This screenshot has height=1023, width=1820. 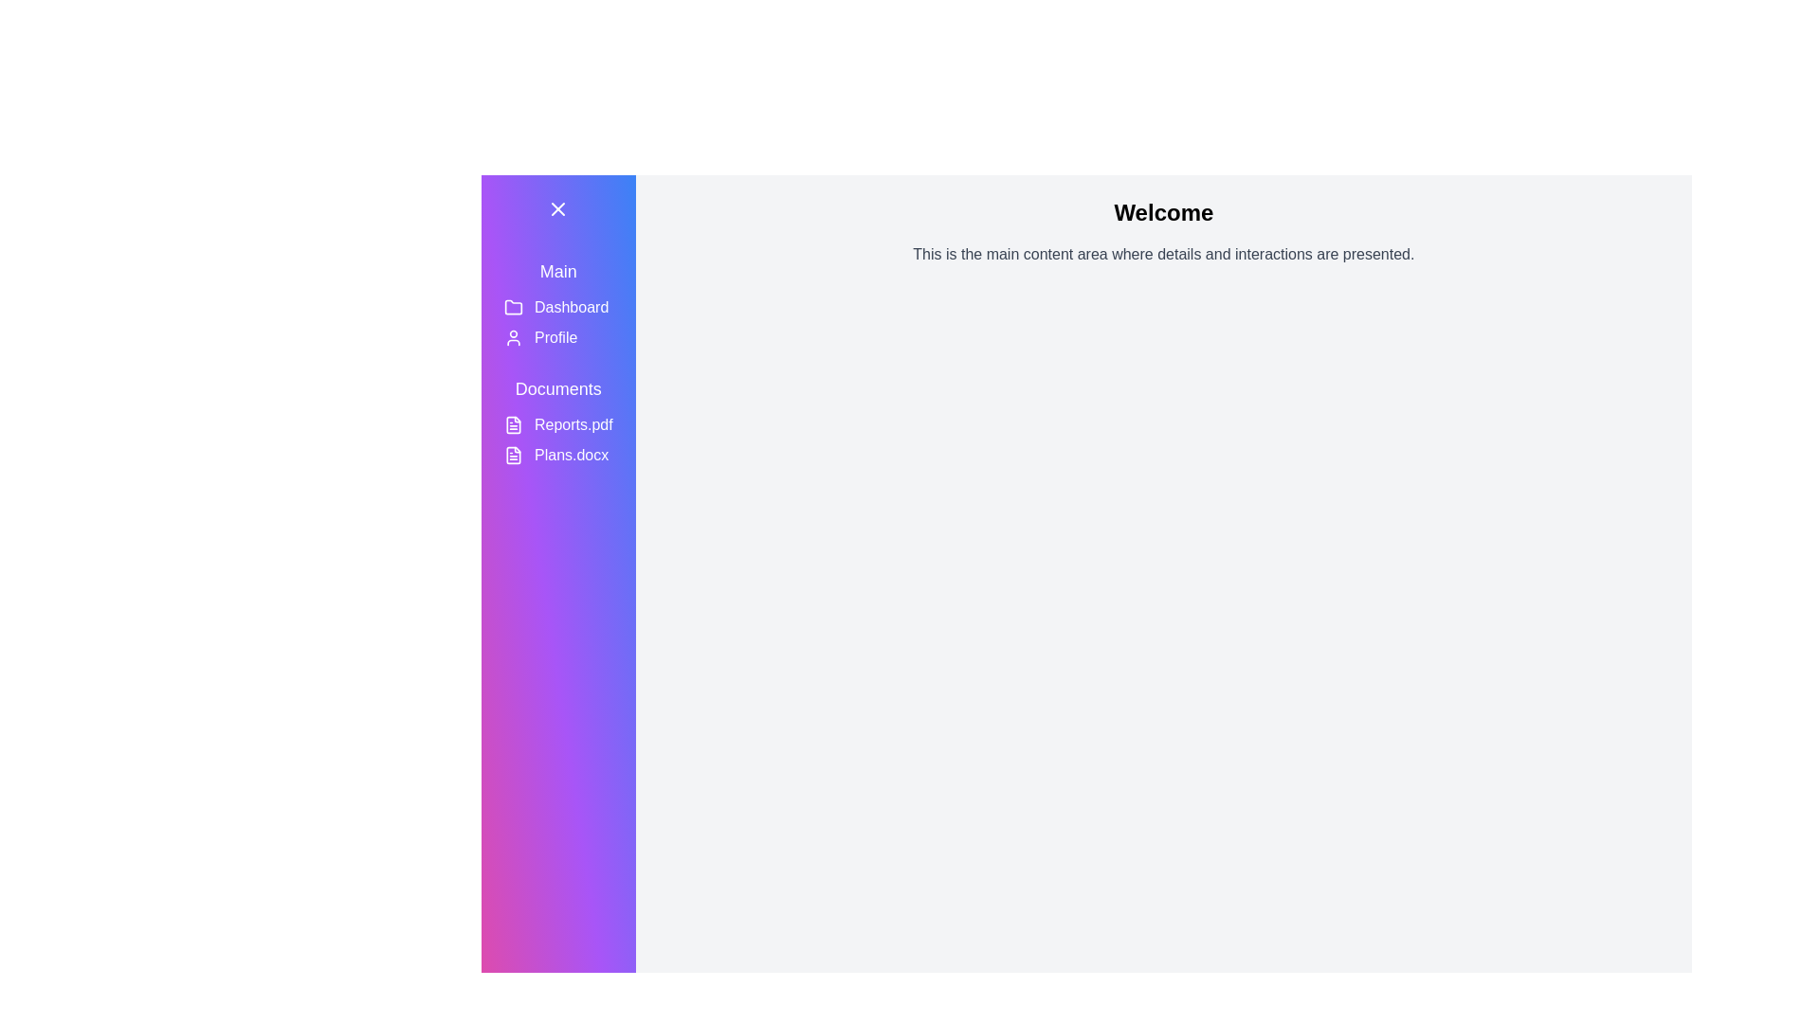 I want to click on the 'Profile' button, which is a rectangular button with a light-hovering effect and an SVG icon of a user, located in the sidebar below the 'Dashboard' button, so click(x=557, y=337).